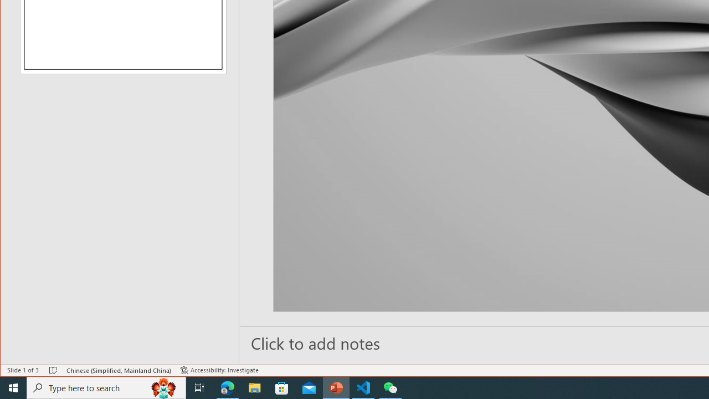 The image size is (709, 399). I want to click on 'Search highlights icon opens search home window', so click(163, 387).